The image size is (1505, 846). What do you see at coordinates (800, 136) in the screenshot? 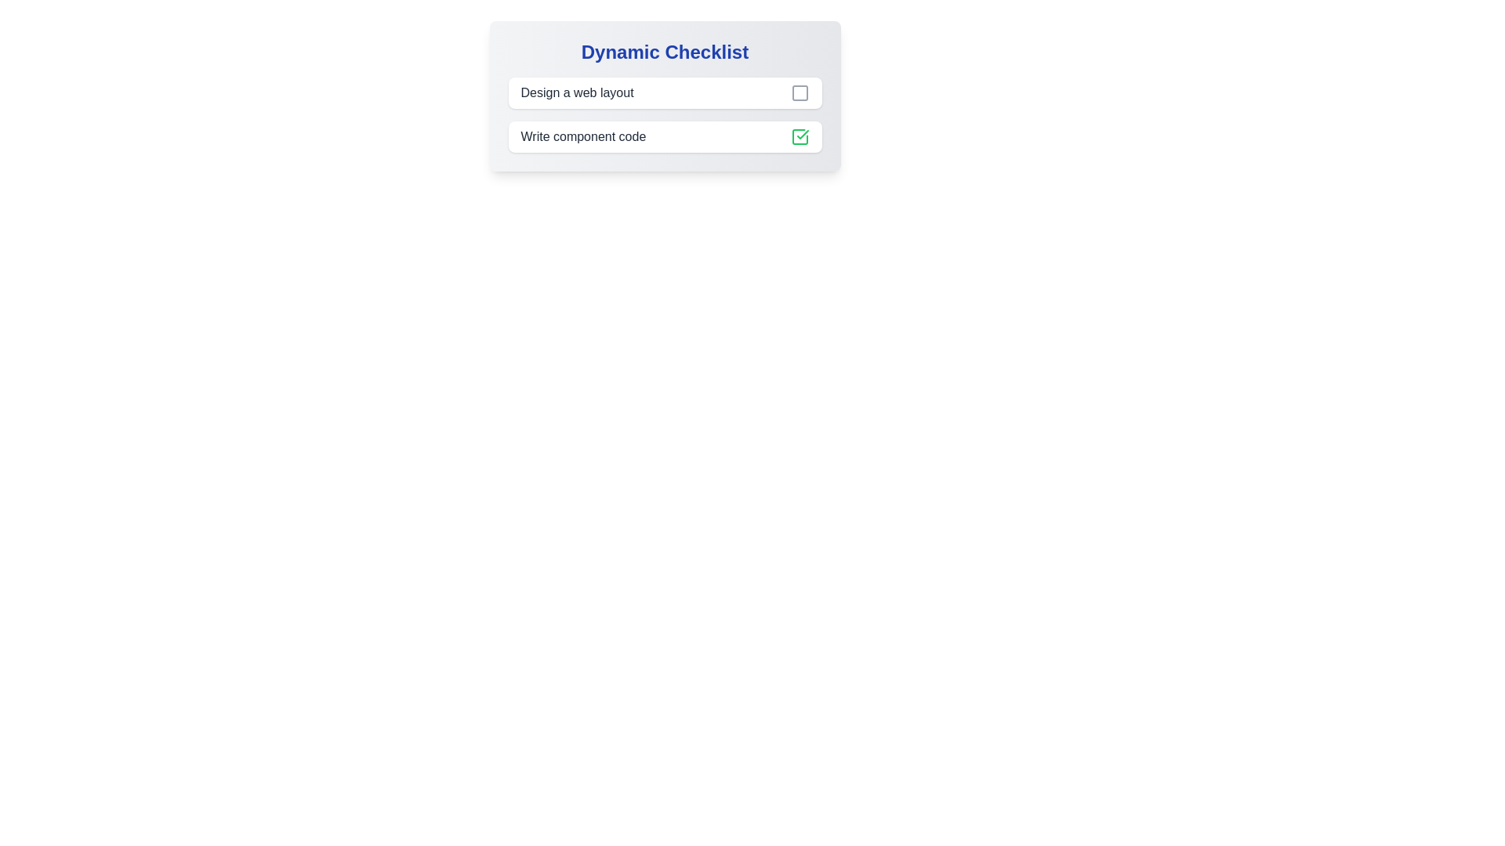
I see `the green checkbox icon located to the right of the text 'Write component code'` at bounding box center [800, 136].